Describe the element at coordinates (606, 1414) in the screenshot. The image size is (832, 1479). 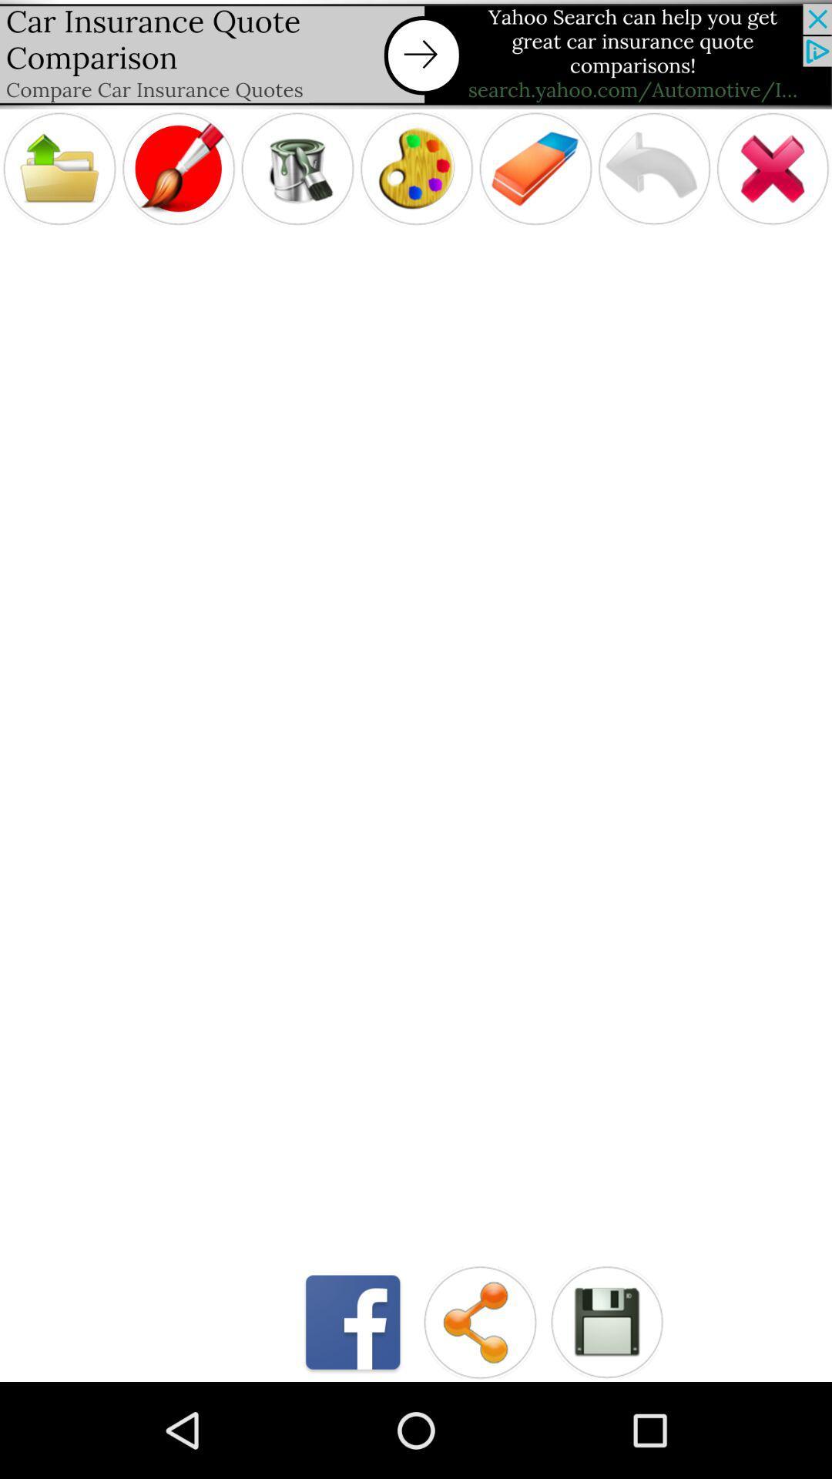
I see `the save icon` at that location.